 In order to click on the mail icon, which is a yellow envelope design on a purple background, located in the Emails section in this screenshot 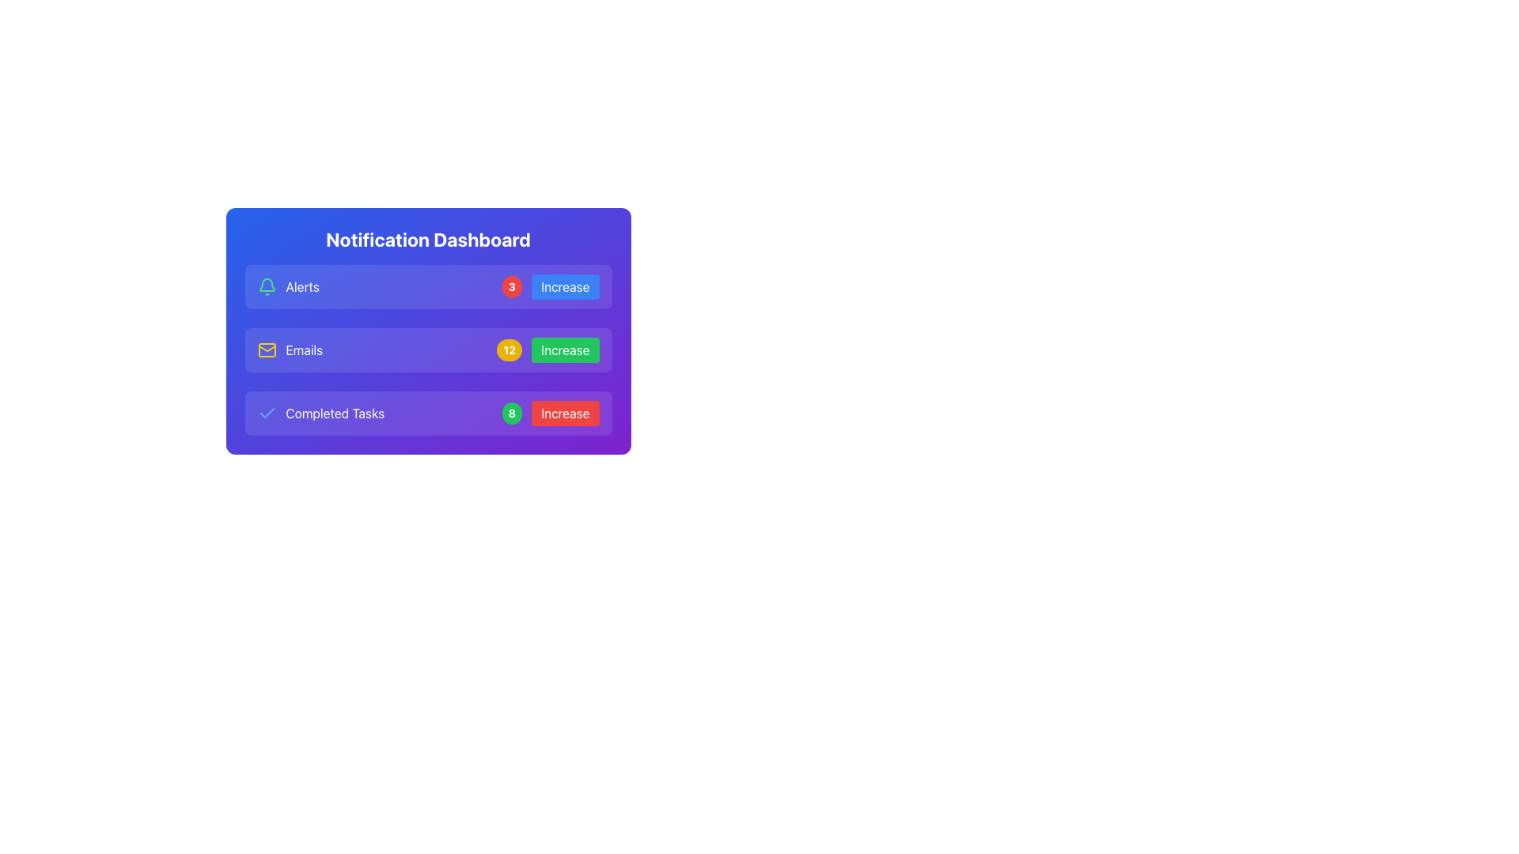, I will do `click(267, 350)`.